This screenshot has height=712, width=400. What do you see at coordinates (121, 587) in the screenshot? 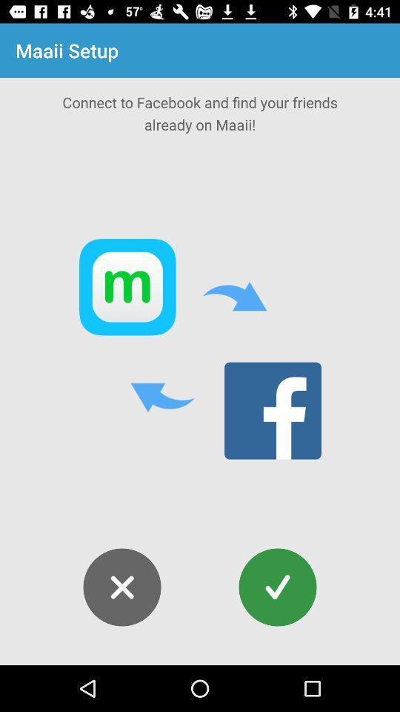
I see `cancel` at bounding box center [121, 587].